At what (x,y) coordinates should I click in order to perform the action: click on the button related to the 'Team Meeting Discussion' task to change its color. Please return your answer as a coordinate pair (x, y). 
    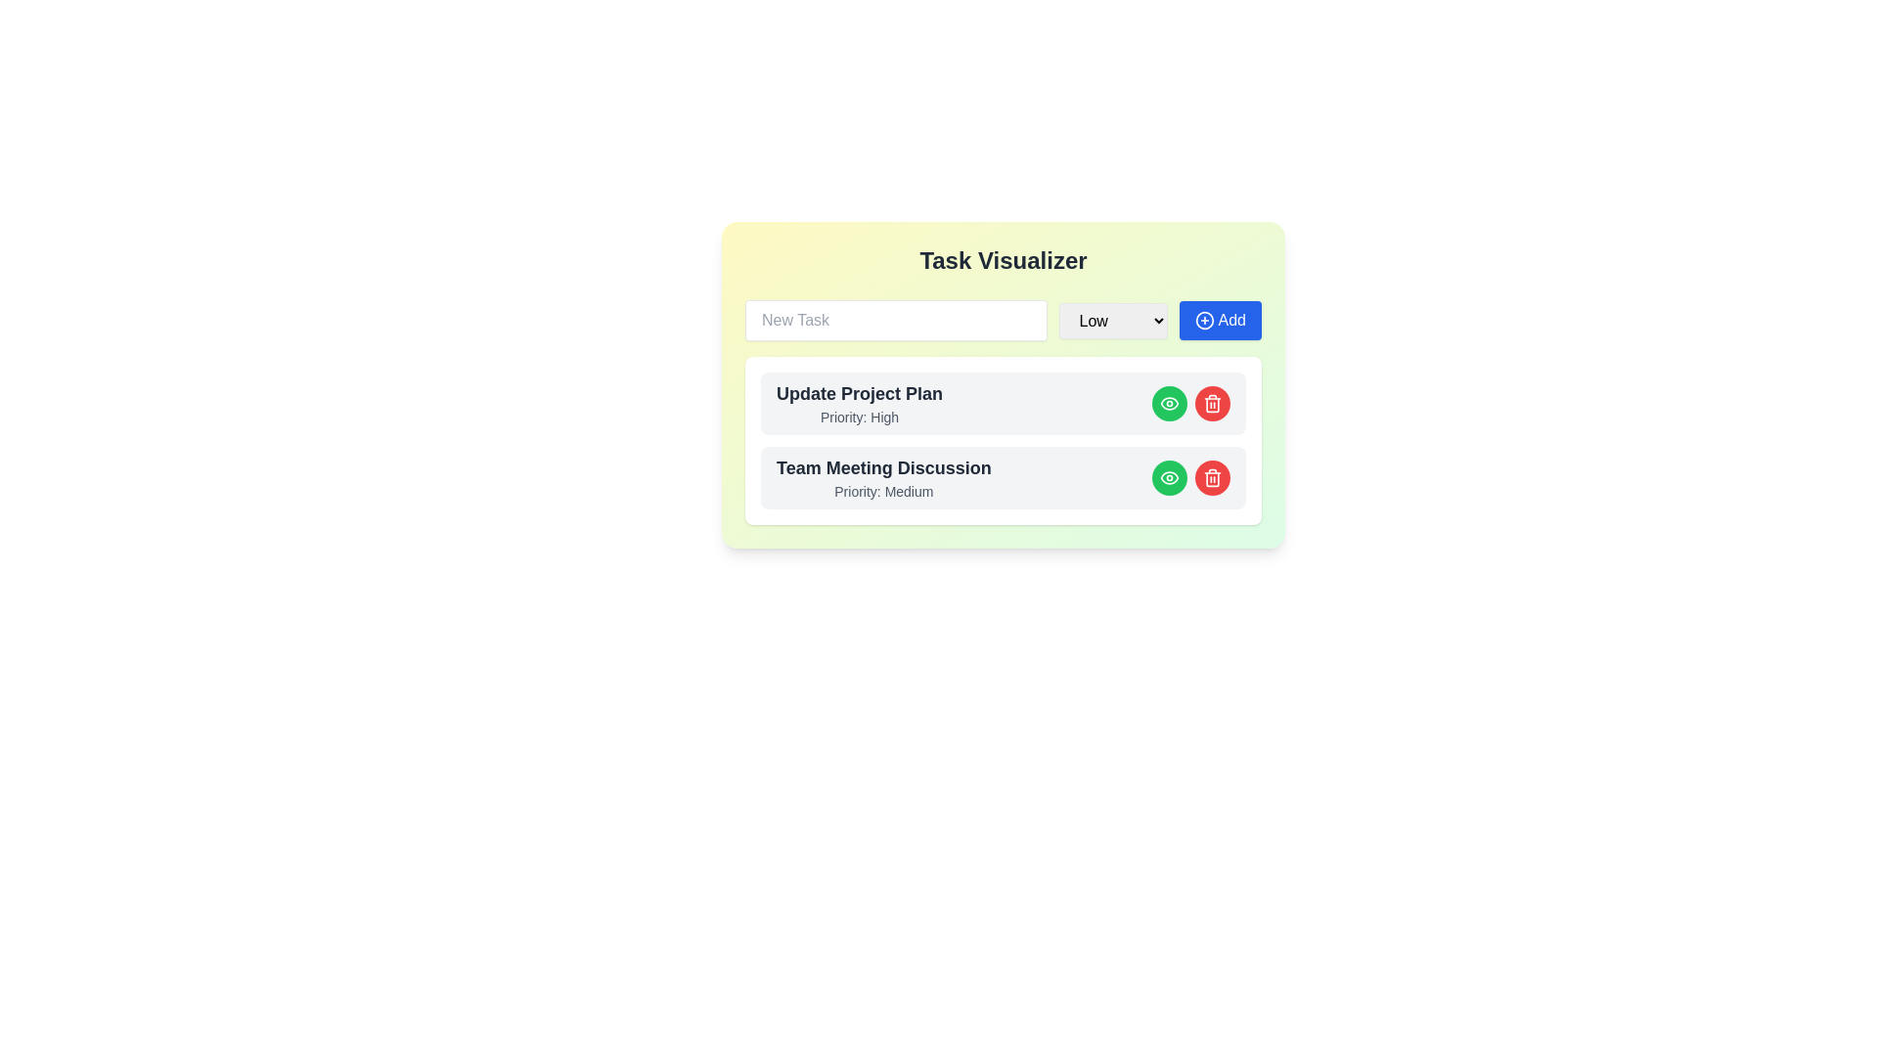
    Looking at the image, I should click on (1169, 478).